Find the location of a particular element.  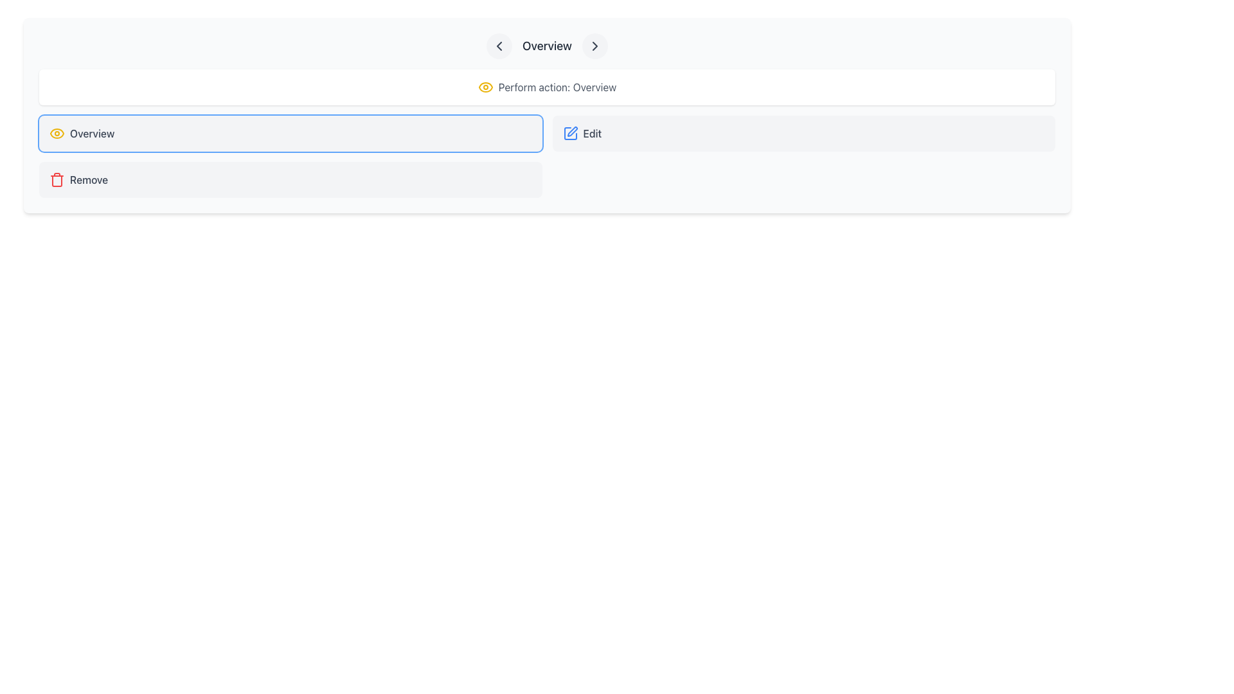

the 'Overview' button located at the top of the first column in a two-column grid layout for keyboard interaction is located at coordinates (290, 134).